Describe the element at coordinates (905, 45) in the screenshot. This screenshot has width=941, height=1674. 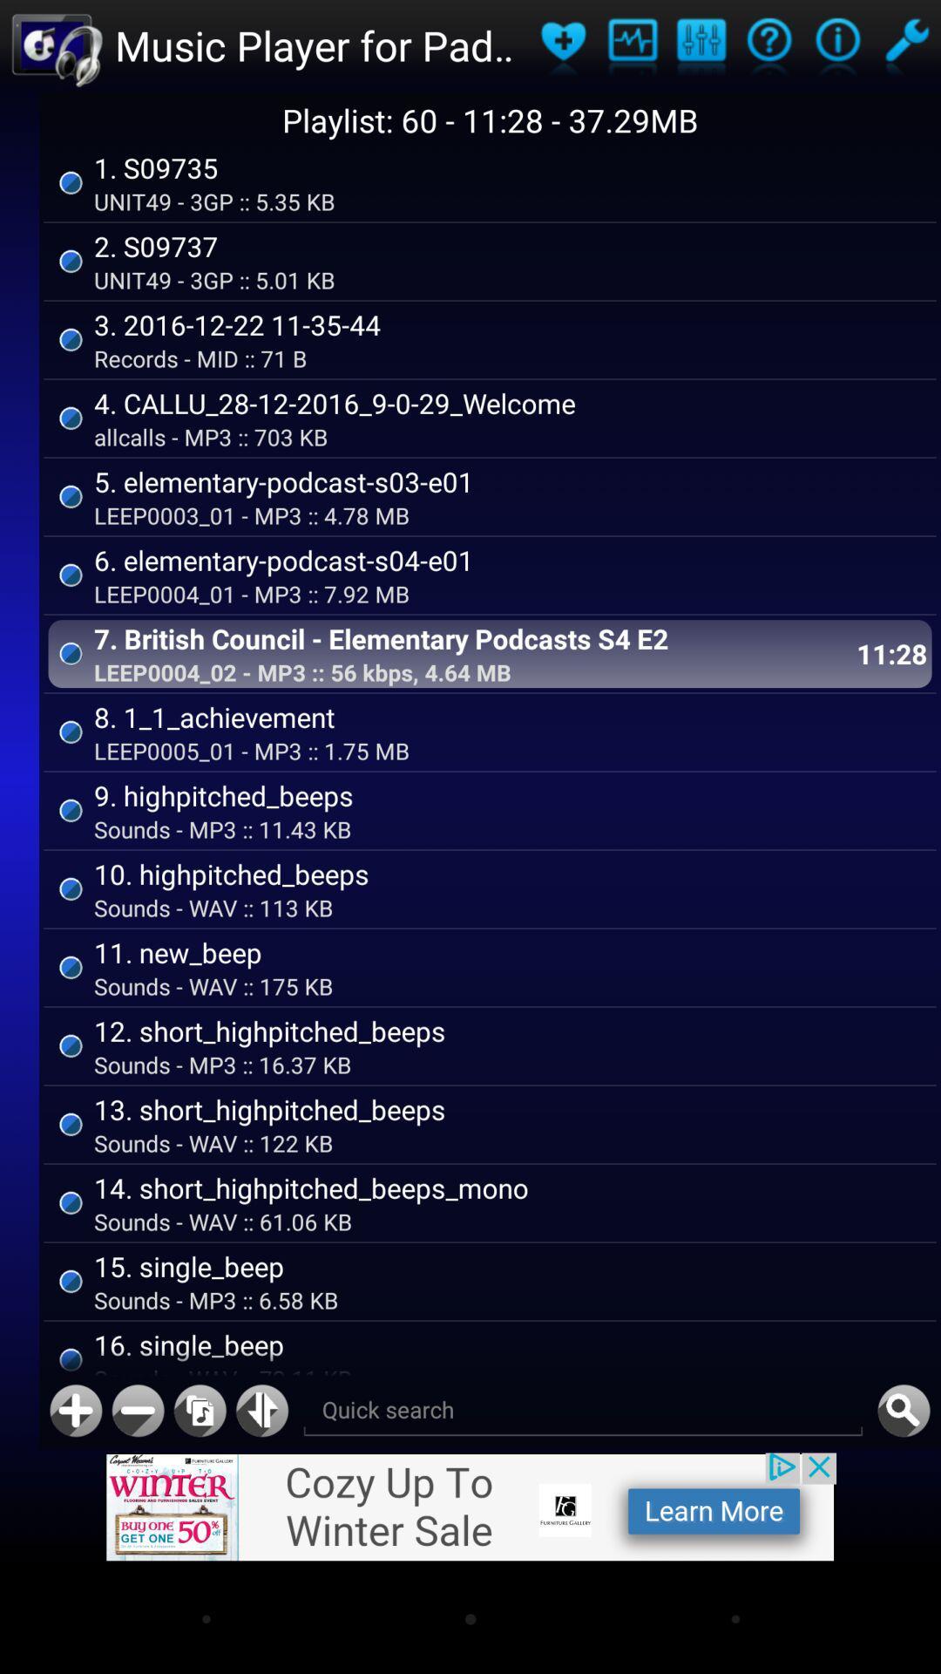
I see `settings` at that location.